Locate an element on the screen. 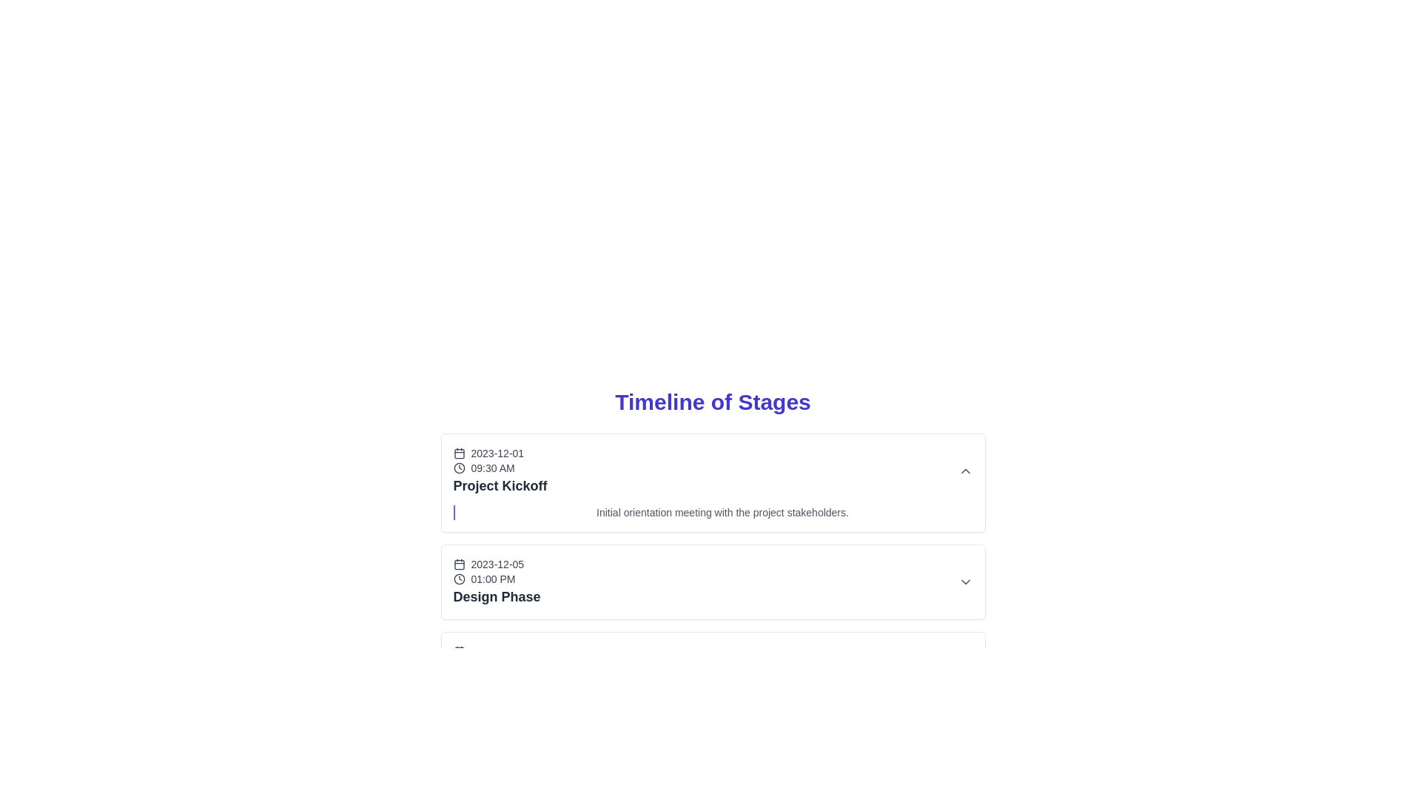 Image resolution: width=1421 pixels, height=799 pixels. the text label displaying '09:30 AM' in gray color, located beside the clock icon in the timeline entry for '2023-12-01', above the title 'Project Kickoff' is located at coordinates (500, 468).